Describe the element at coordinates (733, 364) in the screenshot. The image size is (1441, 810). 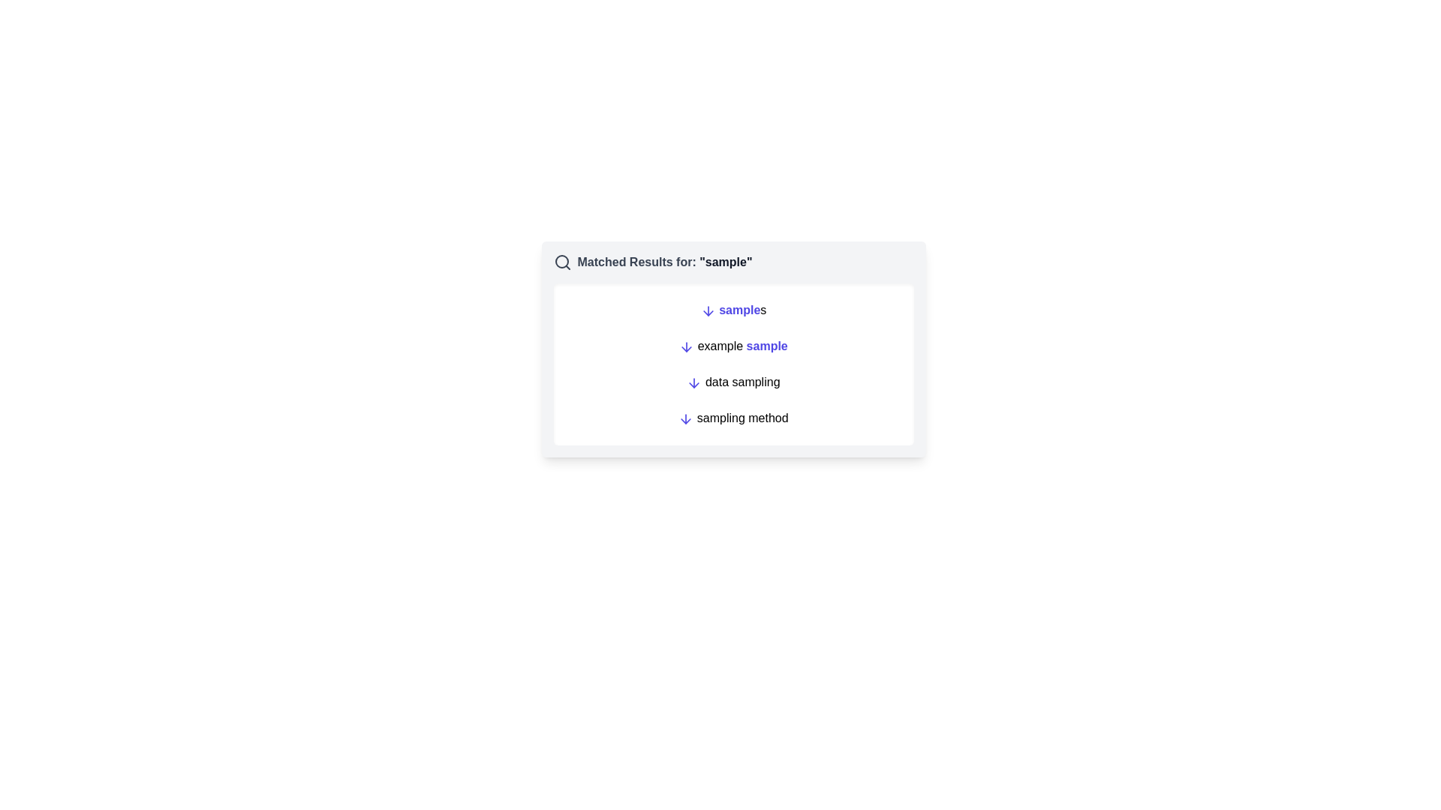
I see `the second item in the clickable list, which allows users to select 'example sample' as a choice, highlighting it` at that location.